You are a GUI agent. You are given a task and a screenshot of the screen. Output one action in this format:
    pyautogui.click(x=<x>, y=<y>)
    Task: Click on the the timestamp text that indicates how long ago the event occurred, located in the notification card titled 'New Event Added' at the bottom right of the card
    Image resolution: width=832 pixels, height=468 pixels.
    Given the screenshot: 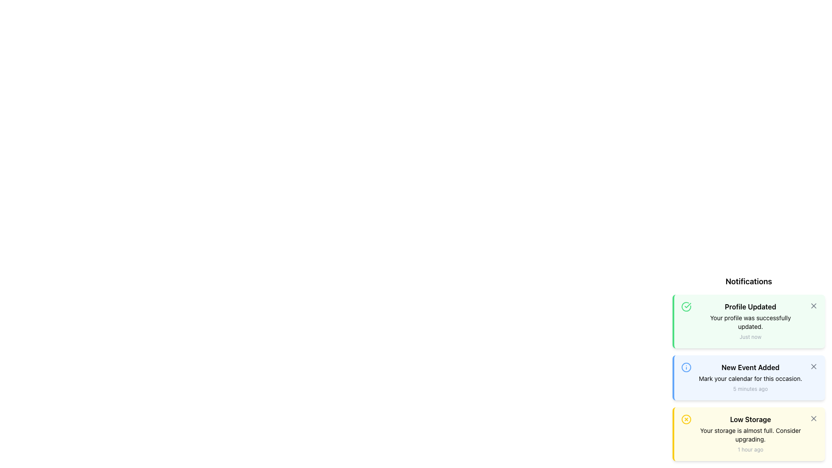 What is the action you would take?
    pyautogui.click(x=750, y=388)
    